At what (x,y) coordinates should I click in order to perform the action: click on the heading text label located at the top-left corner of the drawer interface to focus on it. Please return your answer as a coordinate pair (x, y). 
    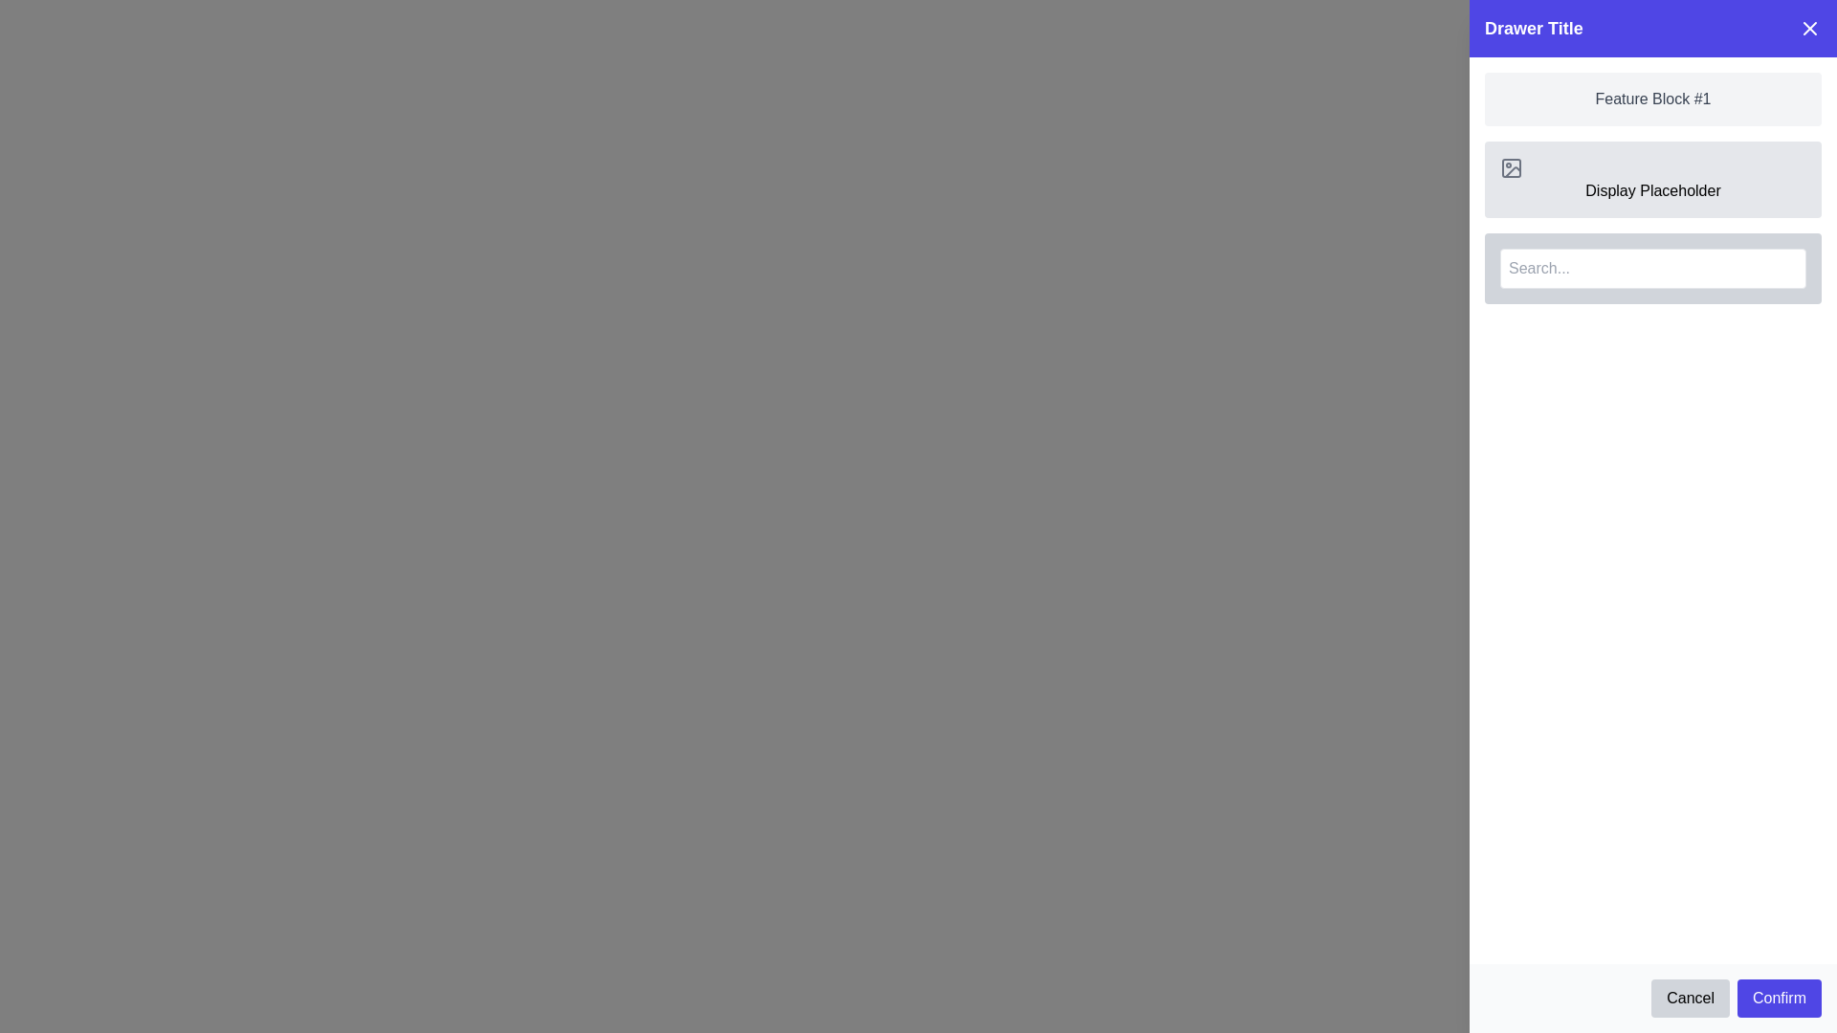
    Looking at the image, I should click on (1534, 29).